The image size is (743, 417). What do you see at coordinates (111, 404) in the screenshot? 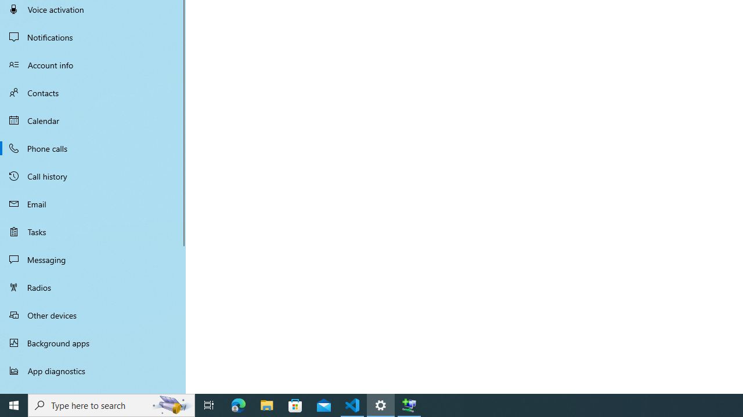
I see `'Type here to search'` at bounding box center [111, 404].